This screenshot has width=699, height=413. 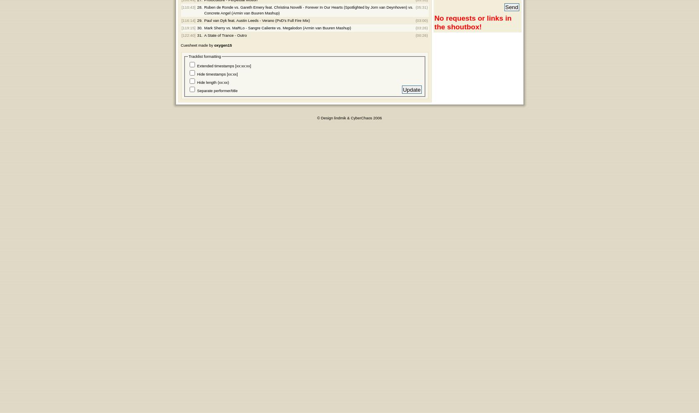 I want to click on '[119:15]', so click(x=188, y=28).